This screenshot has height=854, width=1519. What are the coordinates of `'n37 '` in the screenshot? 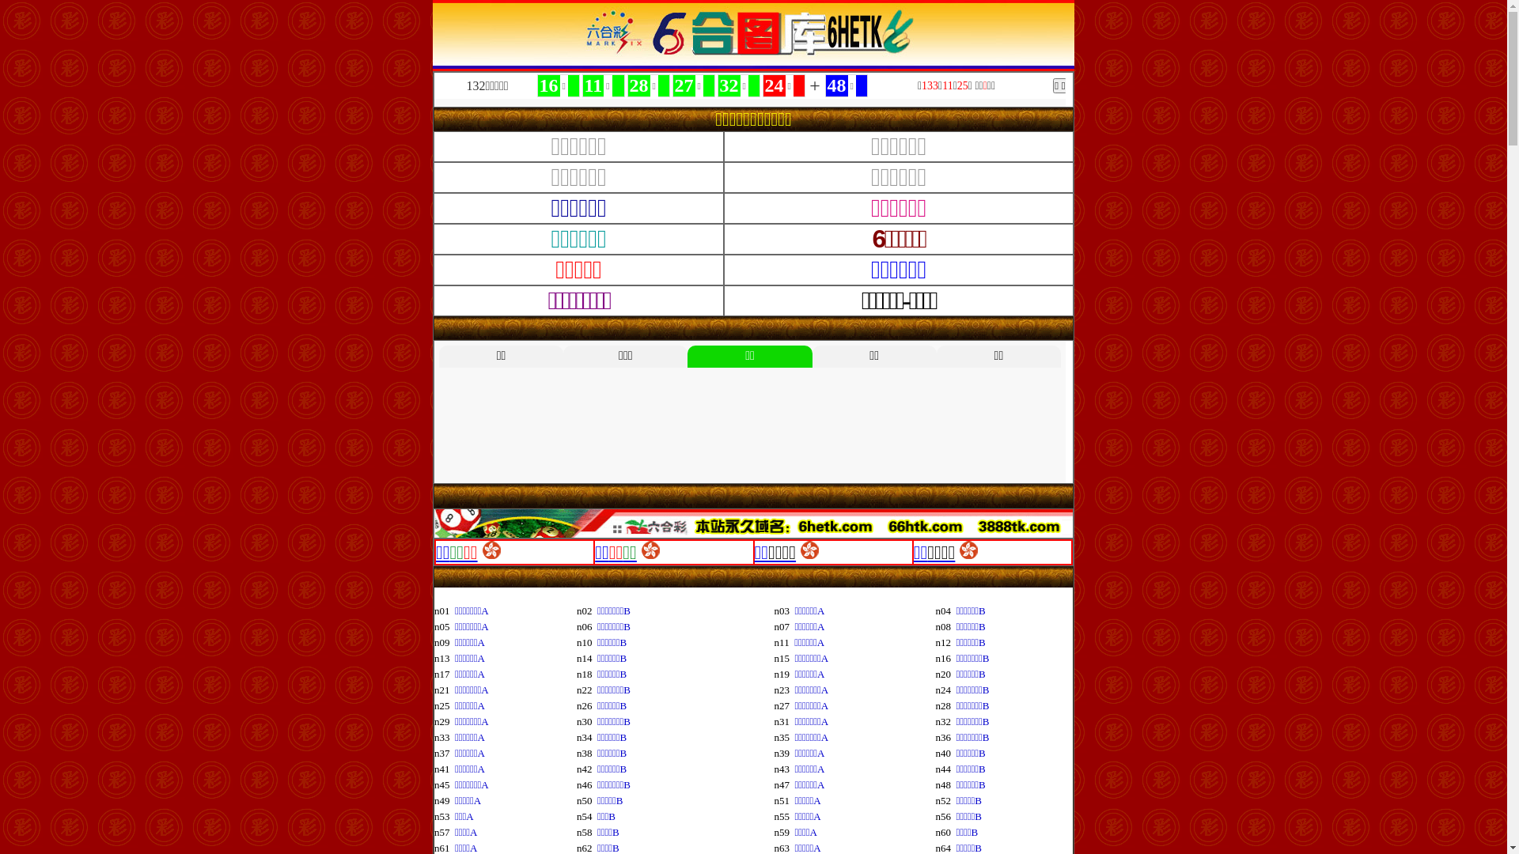 It's located at (443, 752).